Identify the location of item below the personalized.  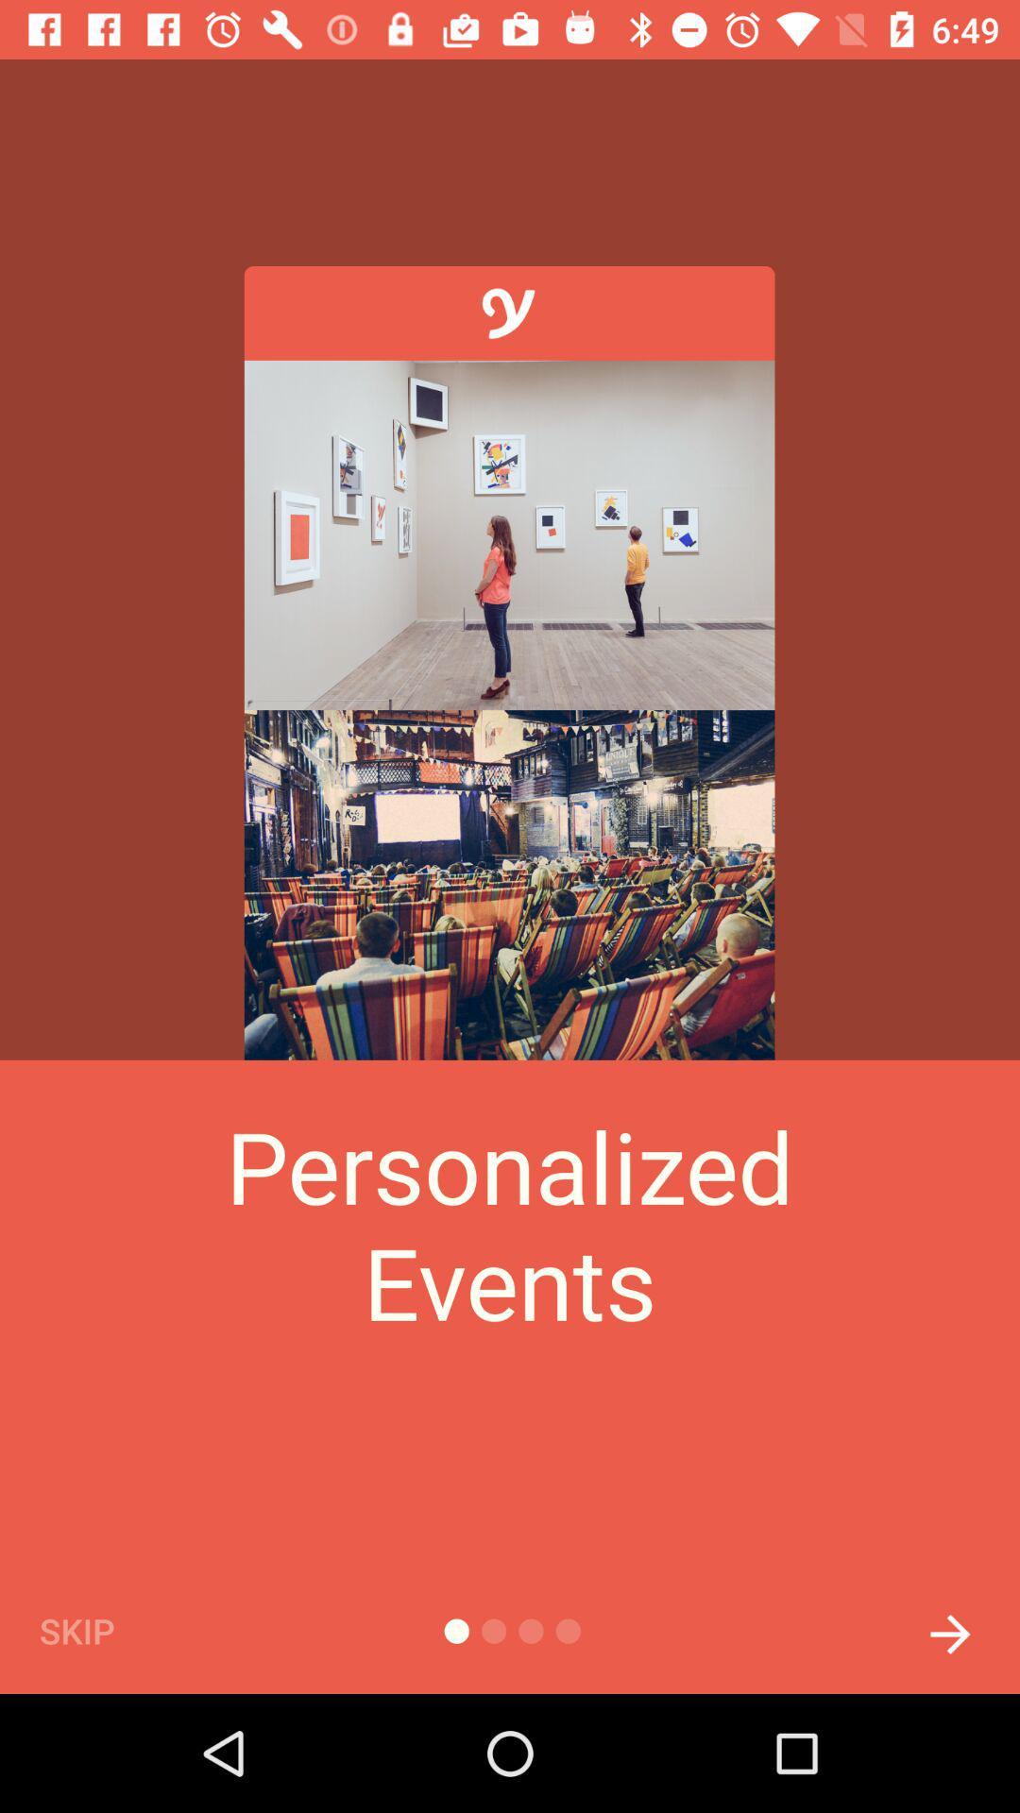
(950, 1628).